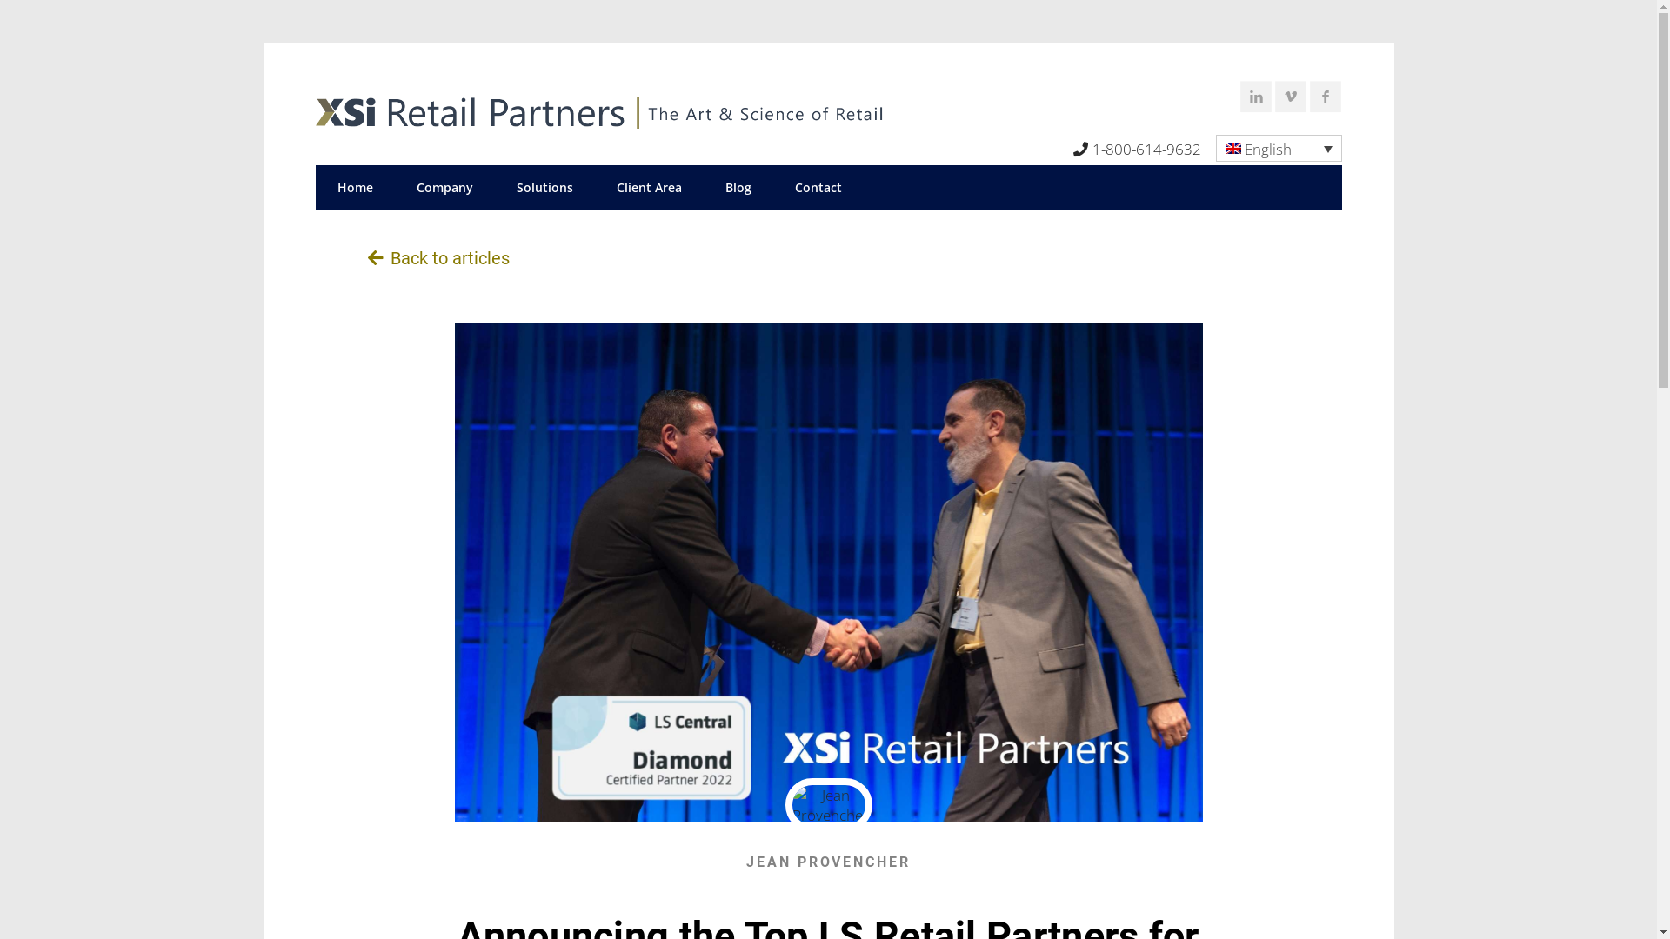 This screenshot has width=1670, height=939. I want to click on 'Company', so click(444, 188).